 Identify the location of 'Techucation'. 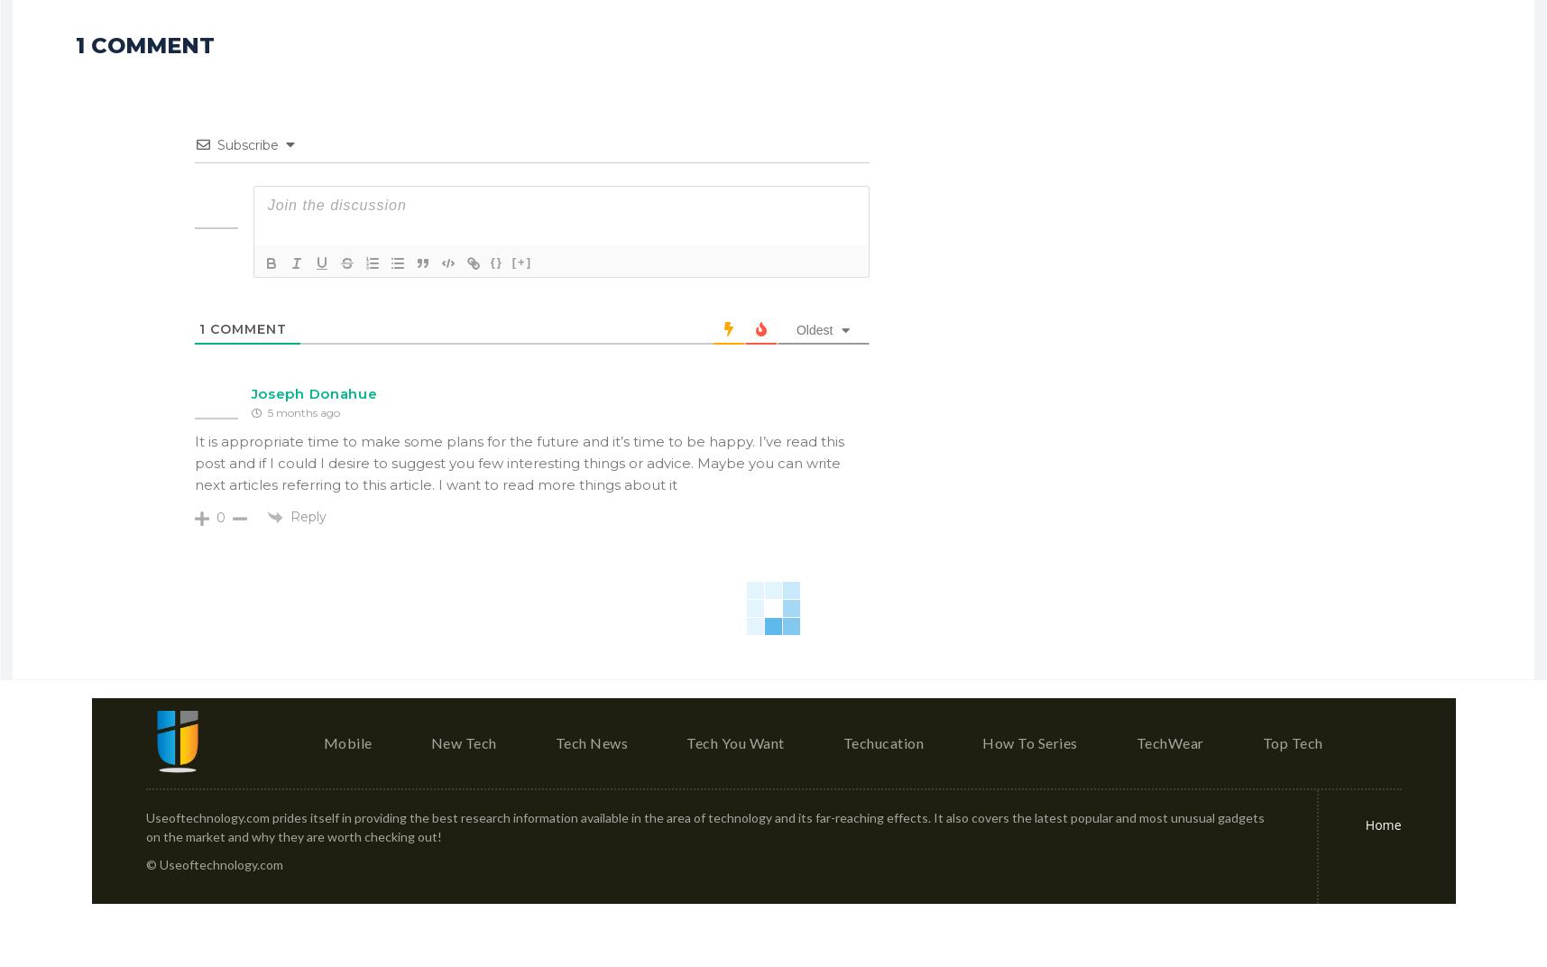
(842, 748).